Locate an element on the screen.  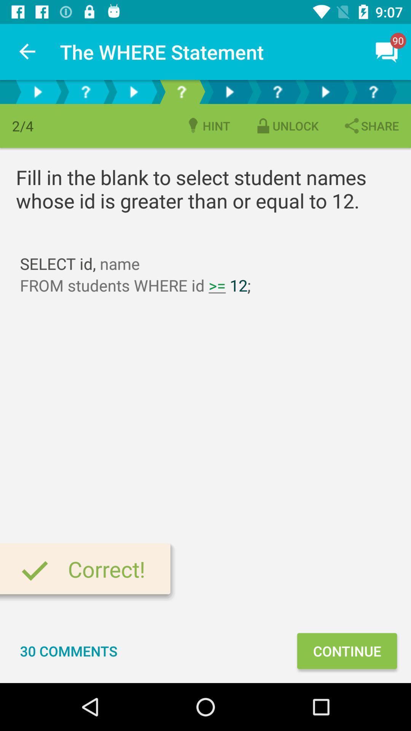
the text between id 12 is located at coordinates (217, 285).